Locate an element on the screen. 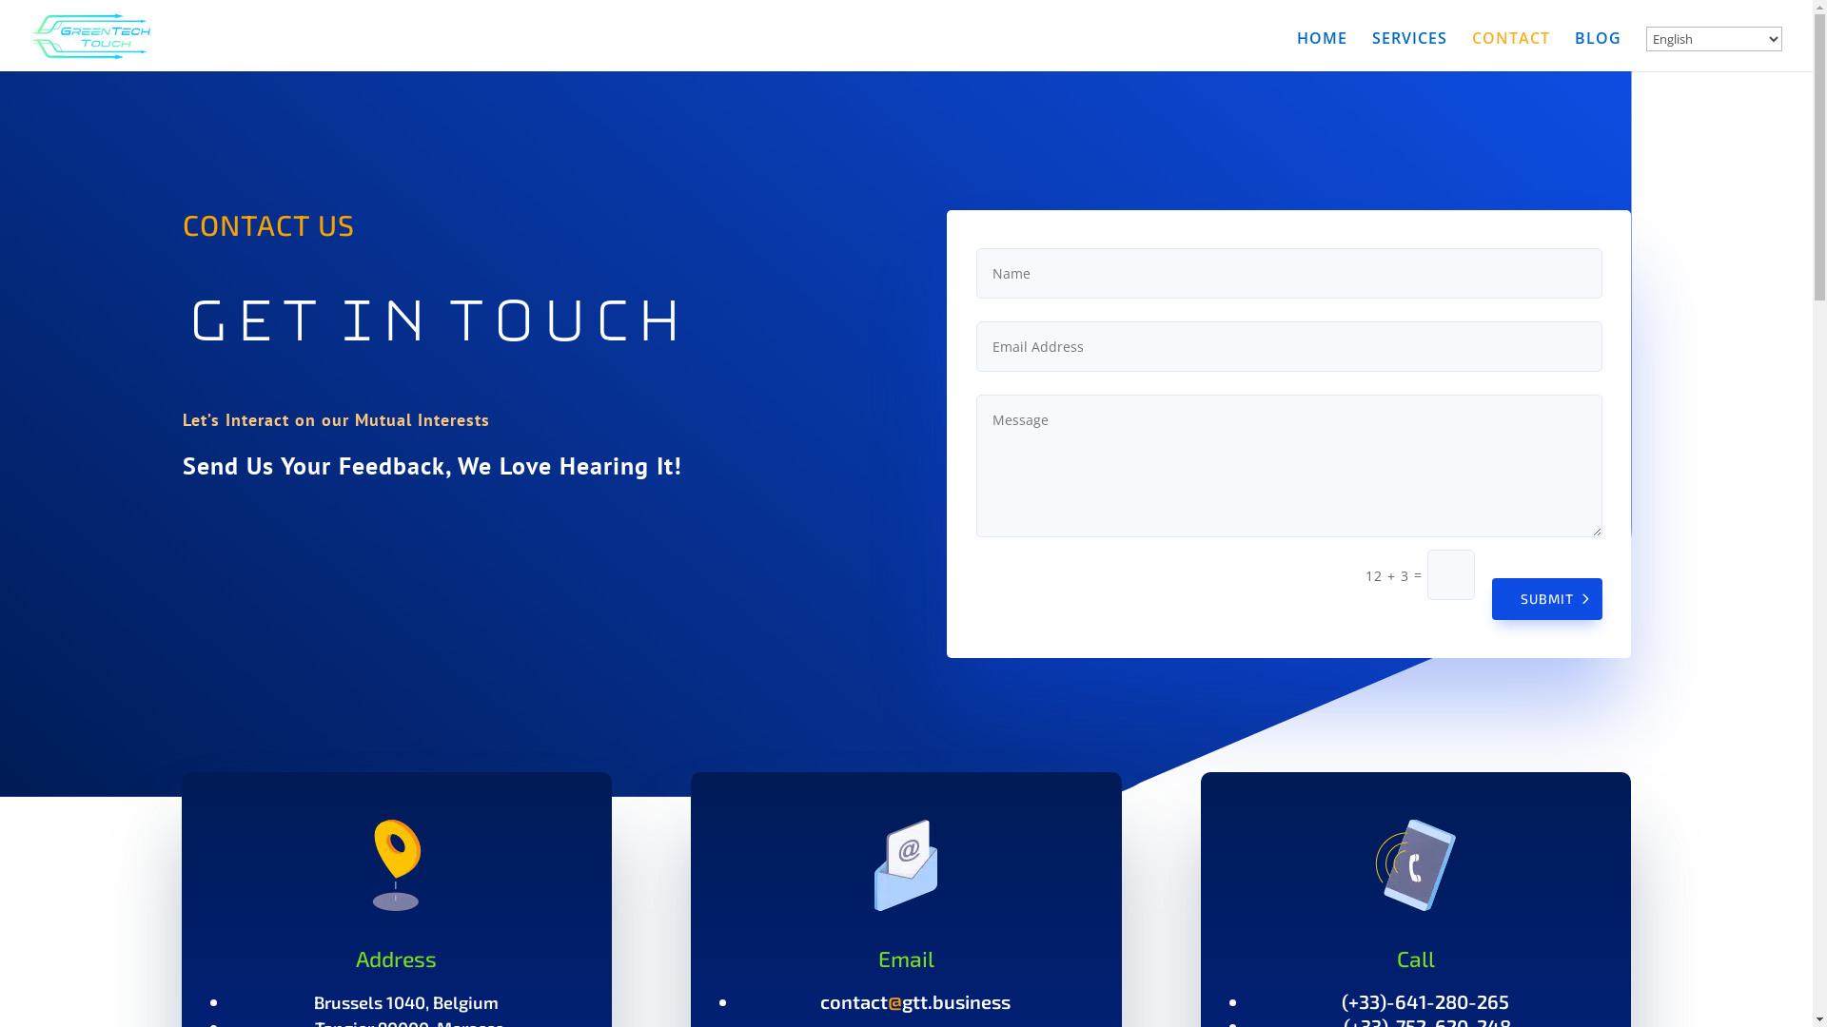  'SUBMIT' is located at coordinates (1491, 597).